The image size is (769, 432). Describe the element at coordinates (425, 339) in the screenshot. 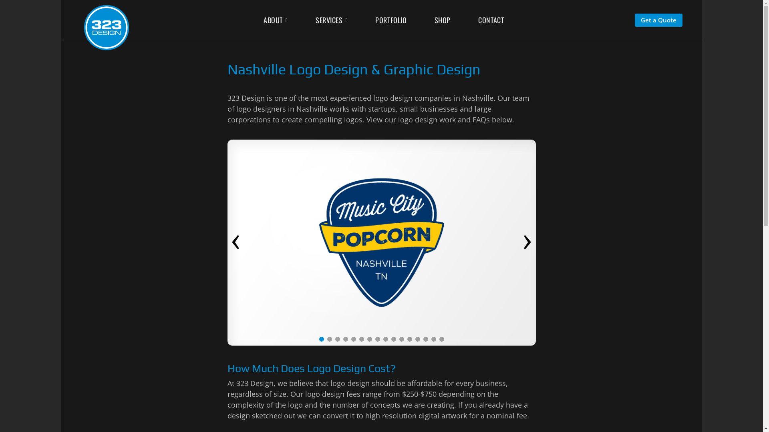

I see `'14'` at that location.